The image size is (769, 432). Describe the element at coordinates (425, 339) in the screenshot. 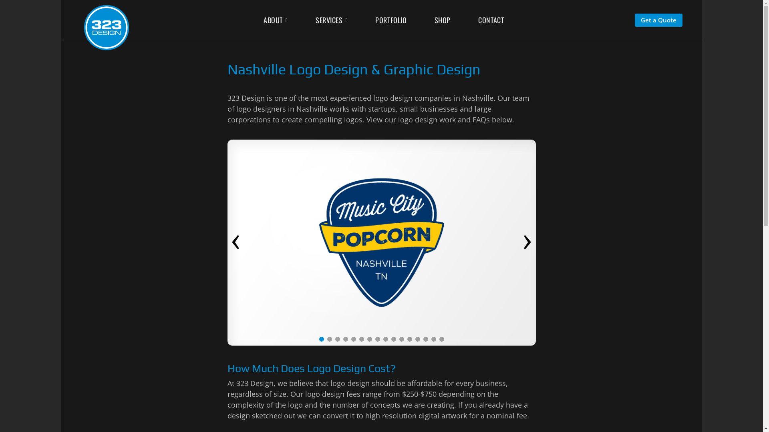

I see `'14'` at that location.